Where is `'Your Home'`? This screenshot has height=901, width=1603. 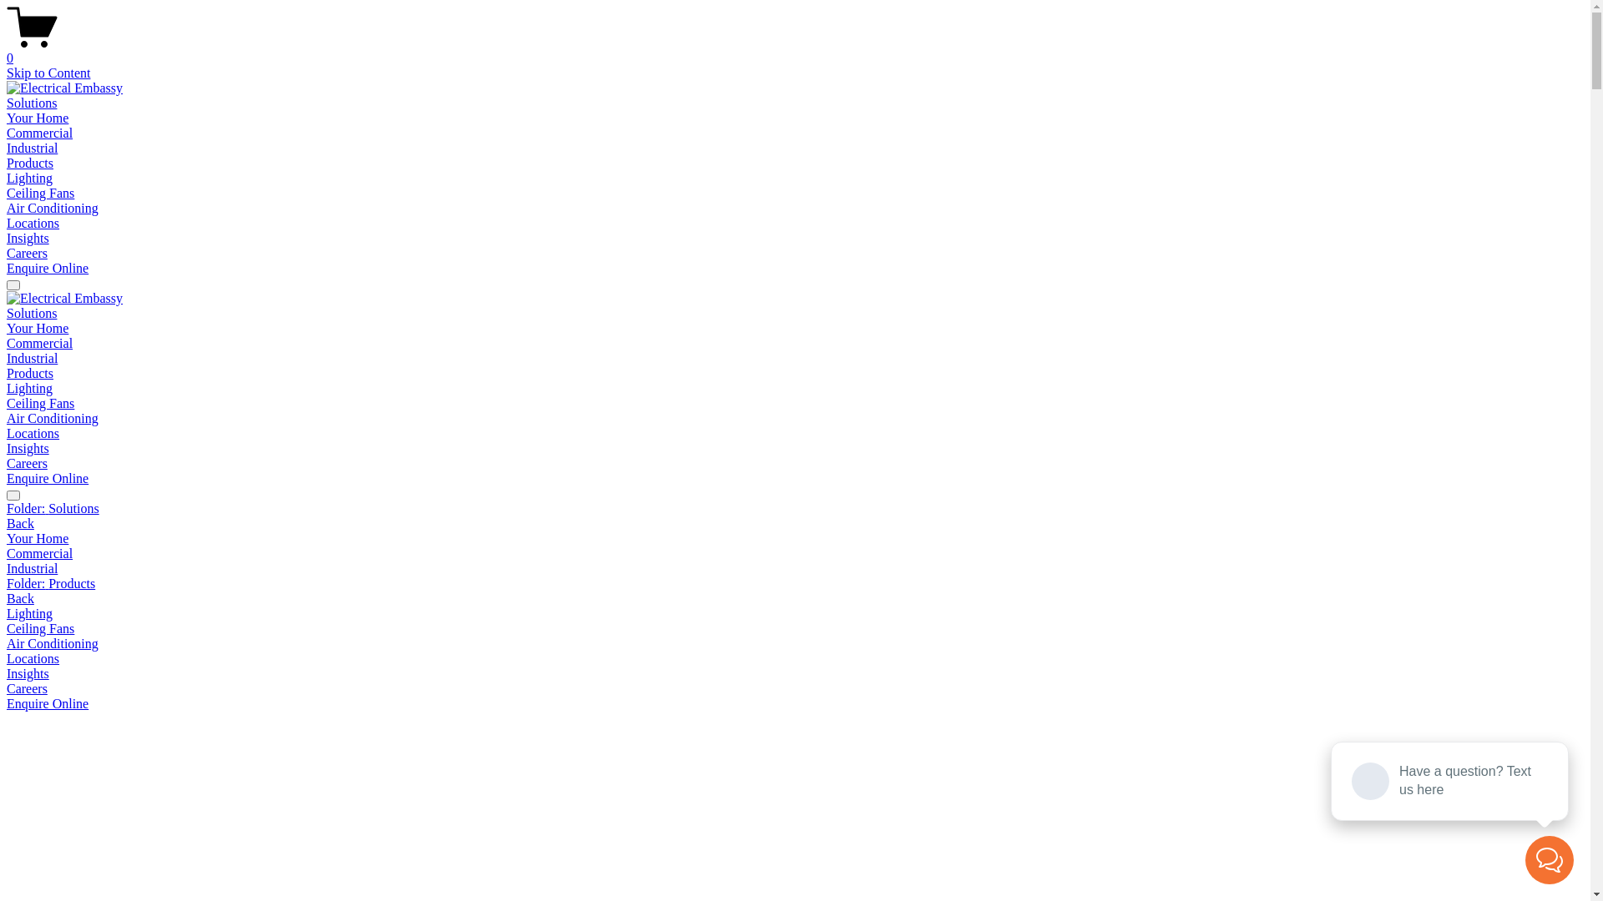
'Your Home' is located at coordinates (37, 117).